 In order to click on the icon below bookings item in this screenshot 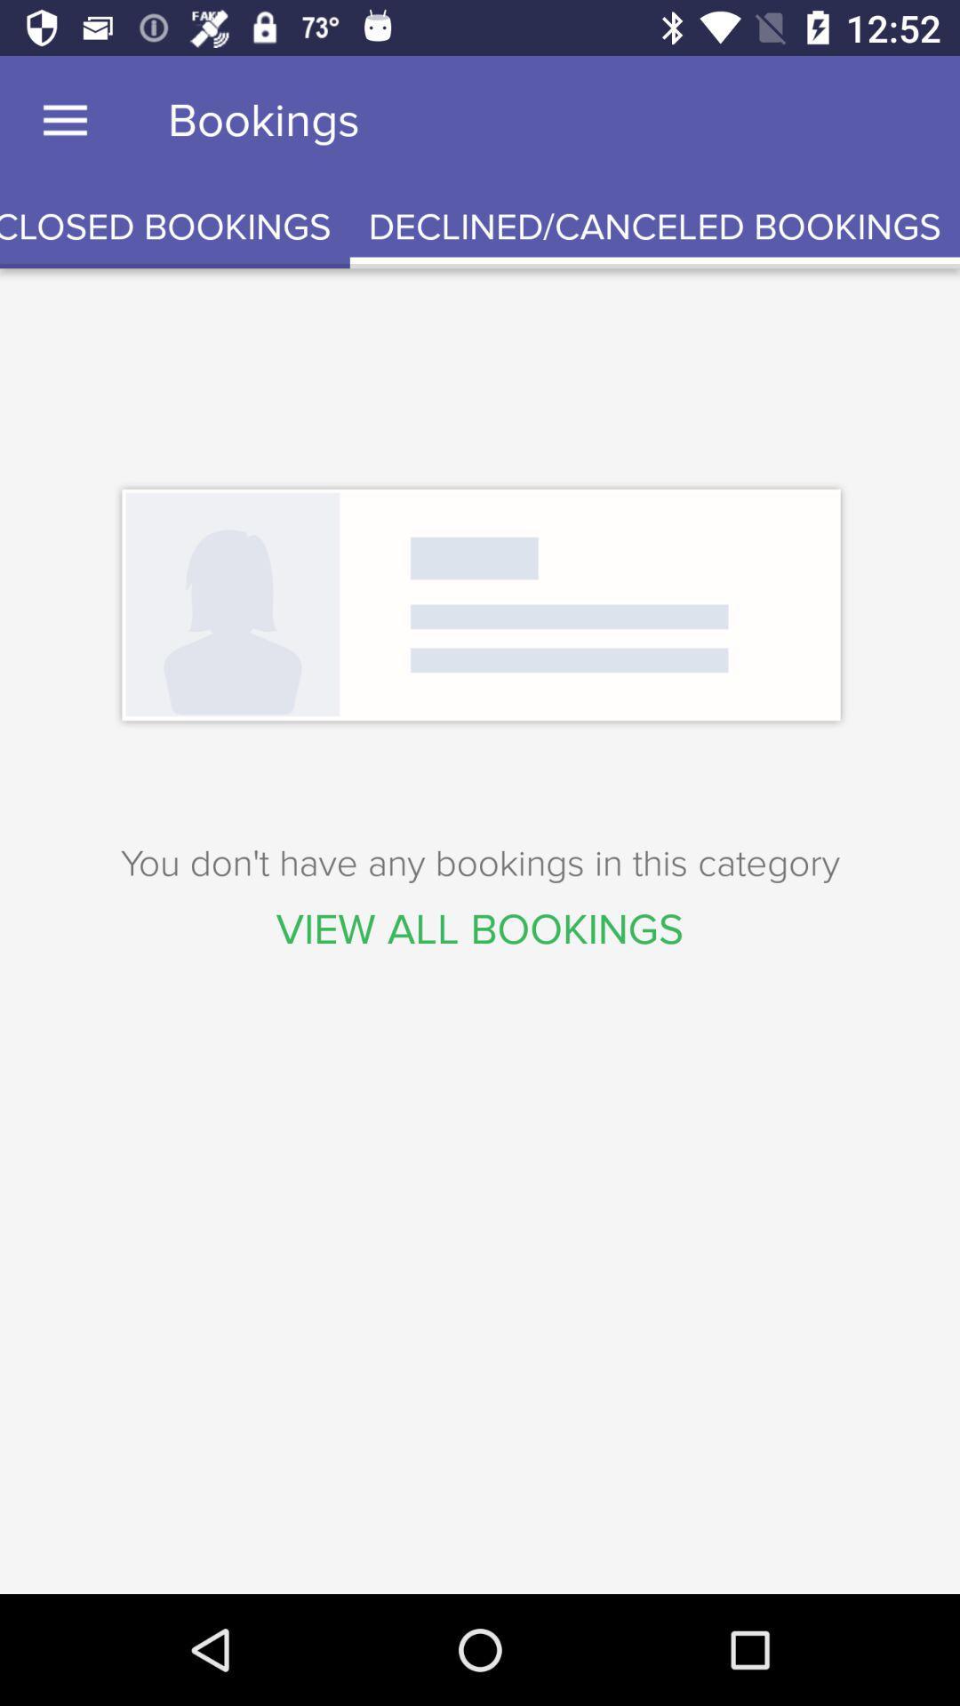, I will do `click(654, 227)`.